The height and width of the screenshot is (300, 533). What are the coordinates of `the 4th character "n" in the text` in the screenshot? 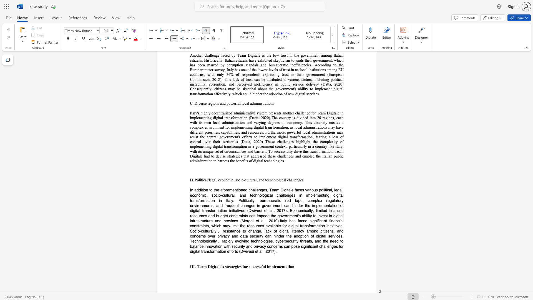 It's located at (331, 241).